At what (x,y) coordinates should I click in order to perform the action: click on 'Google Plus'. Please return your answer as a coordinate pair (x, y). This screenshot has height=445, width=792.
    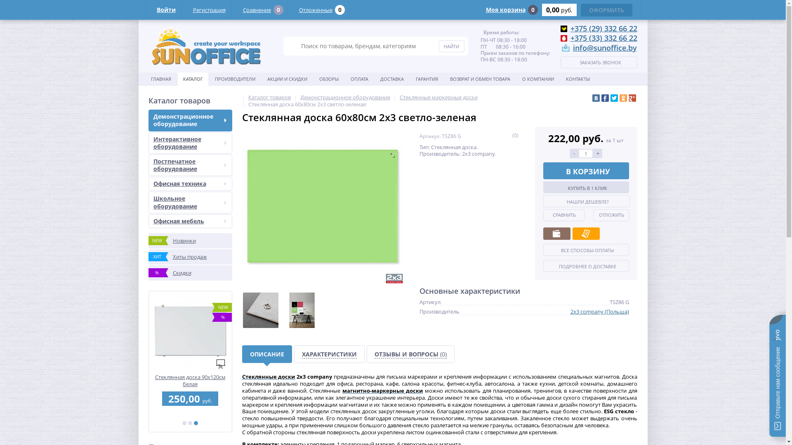
    Looking at the image, I should click on (628, 98).